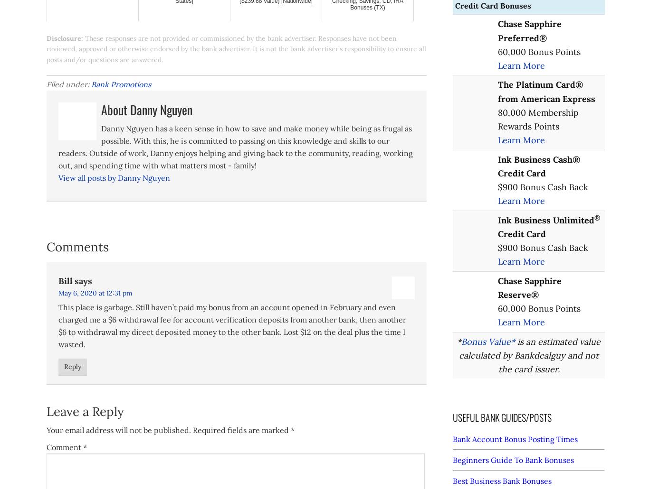 The height and width of the screenshot is (489, 649). I want to click on 'Bank Promotions', so click(121, 83).